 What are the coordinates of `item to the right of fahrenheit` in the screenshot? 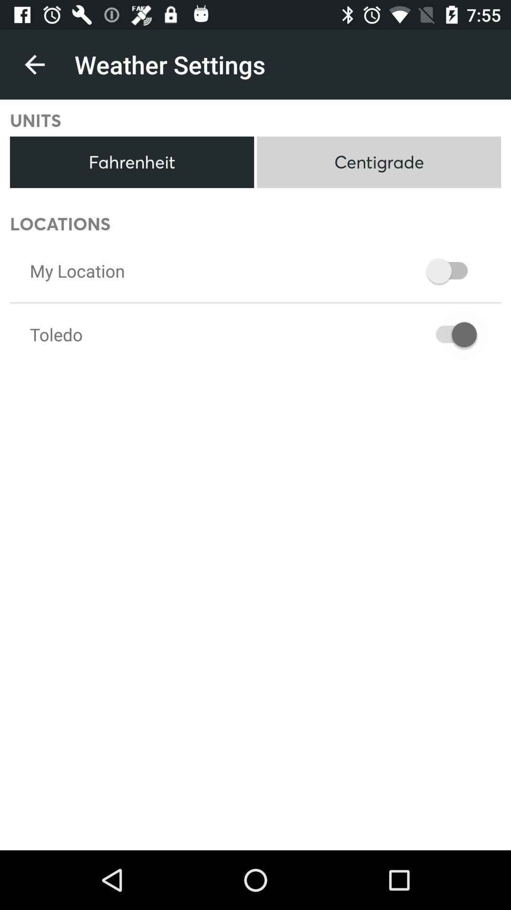 It's located at (379, 162).